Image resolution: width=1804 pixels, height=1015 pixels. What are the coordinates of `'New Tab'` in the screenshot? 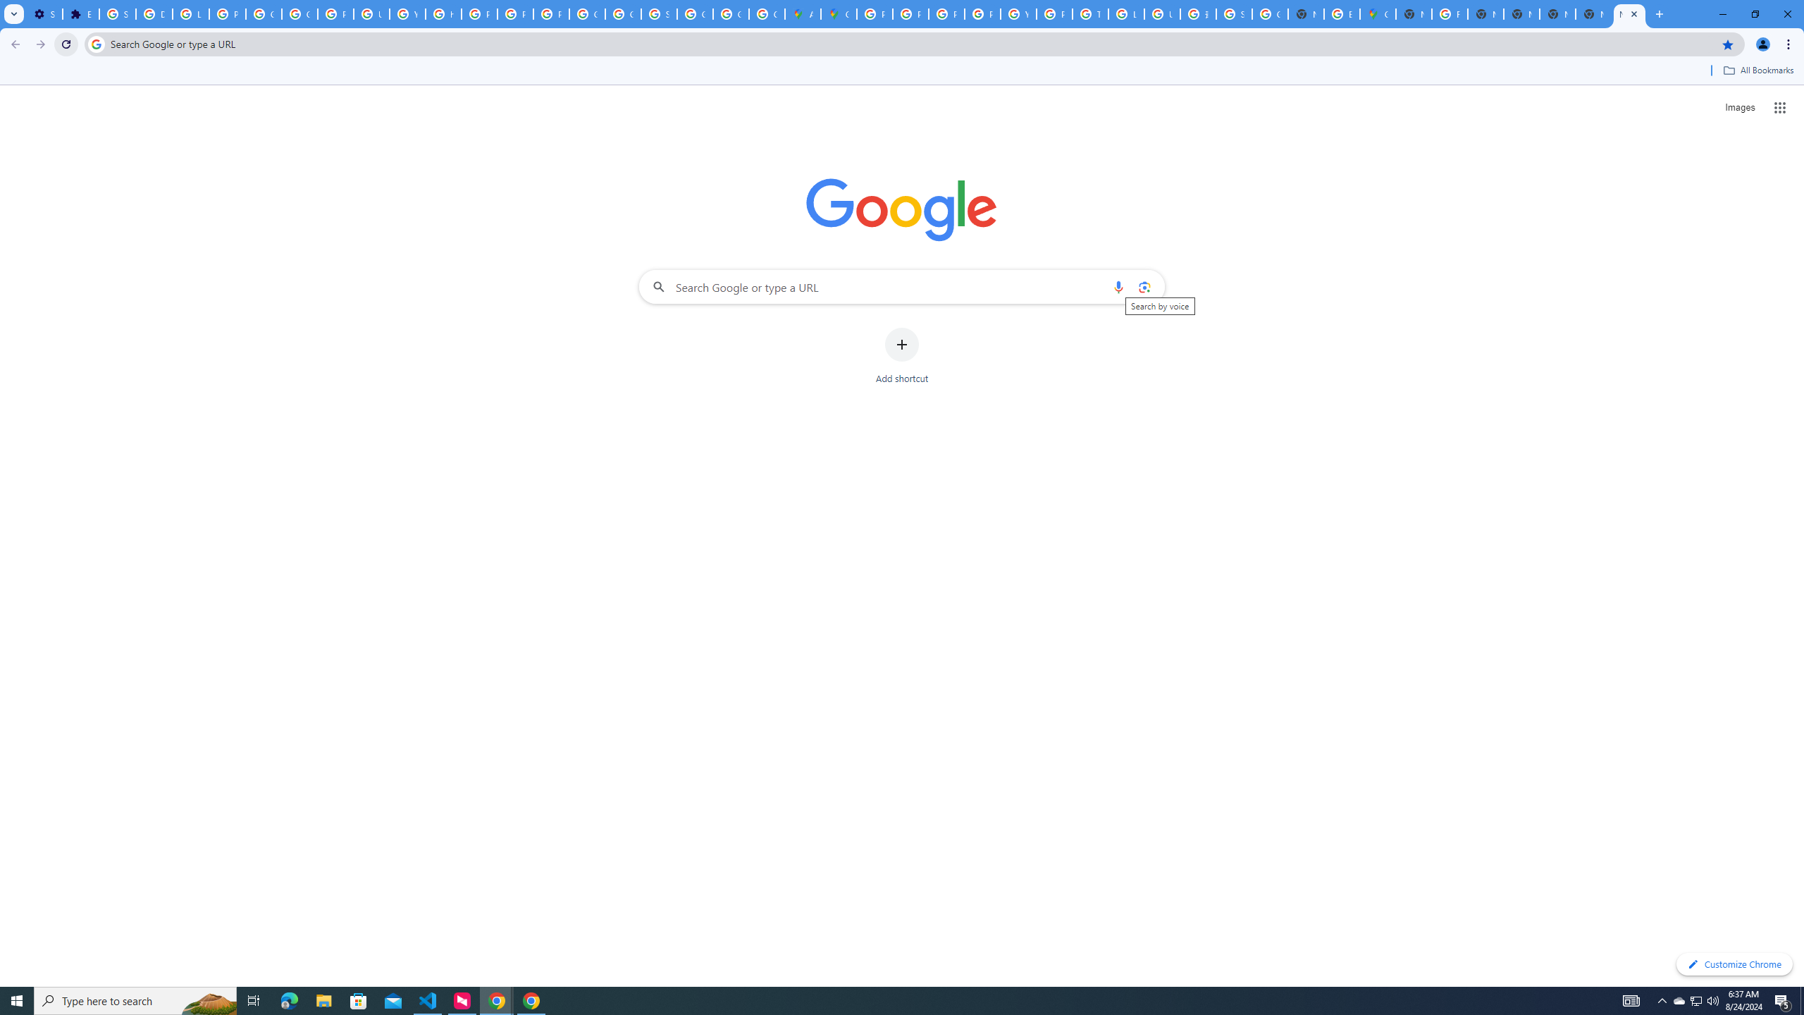 It's located at (1629, 13).